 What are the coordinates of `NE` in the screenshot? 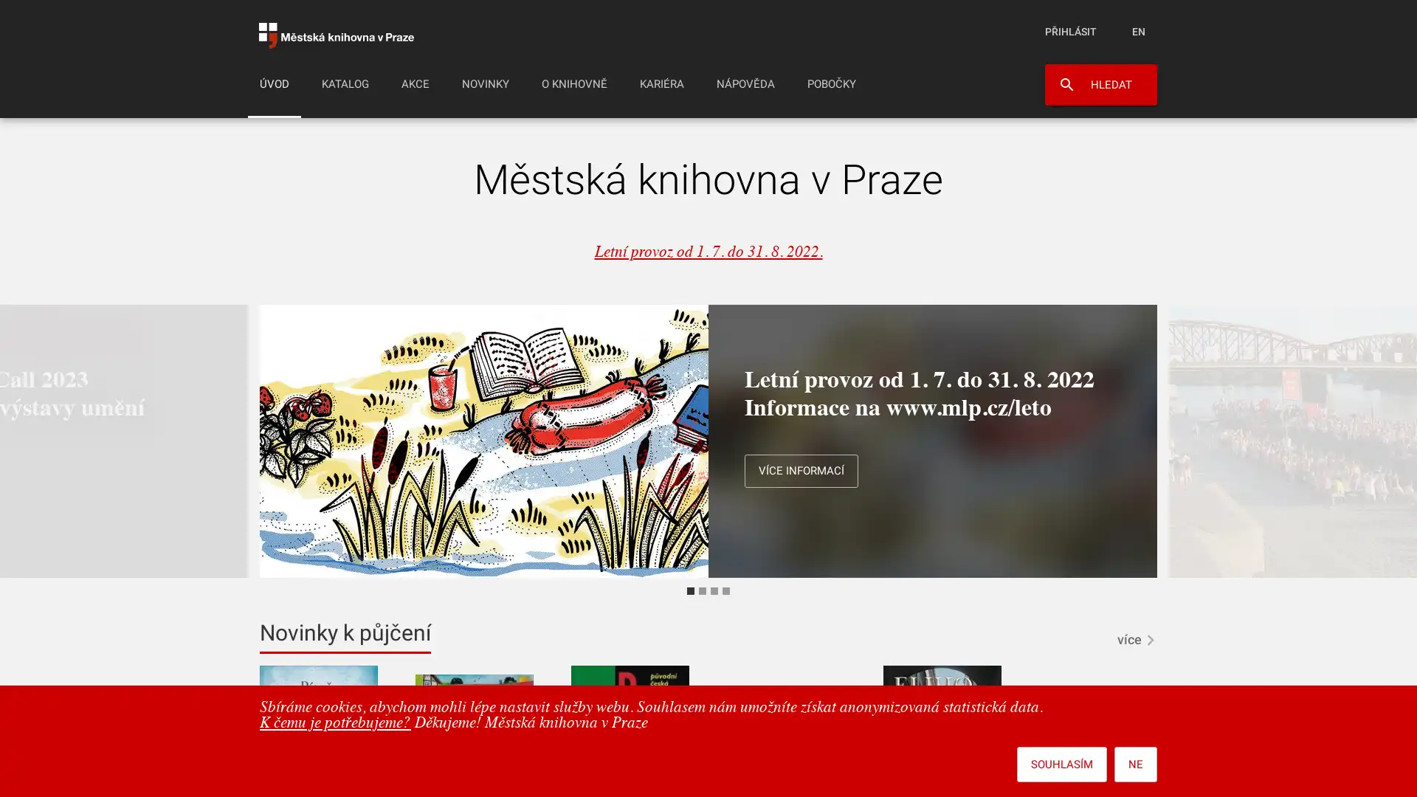 It's located at (1135, 764).